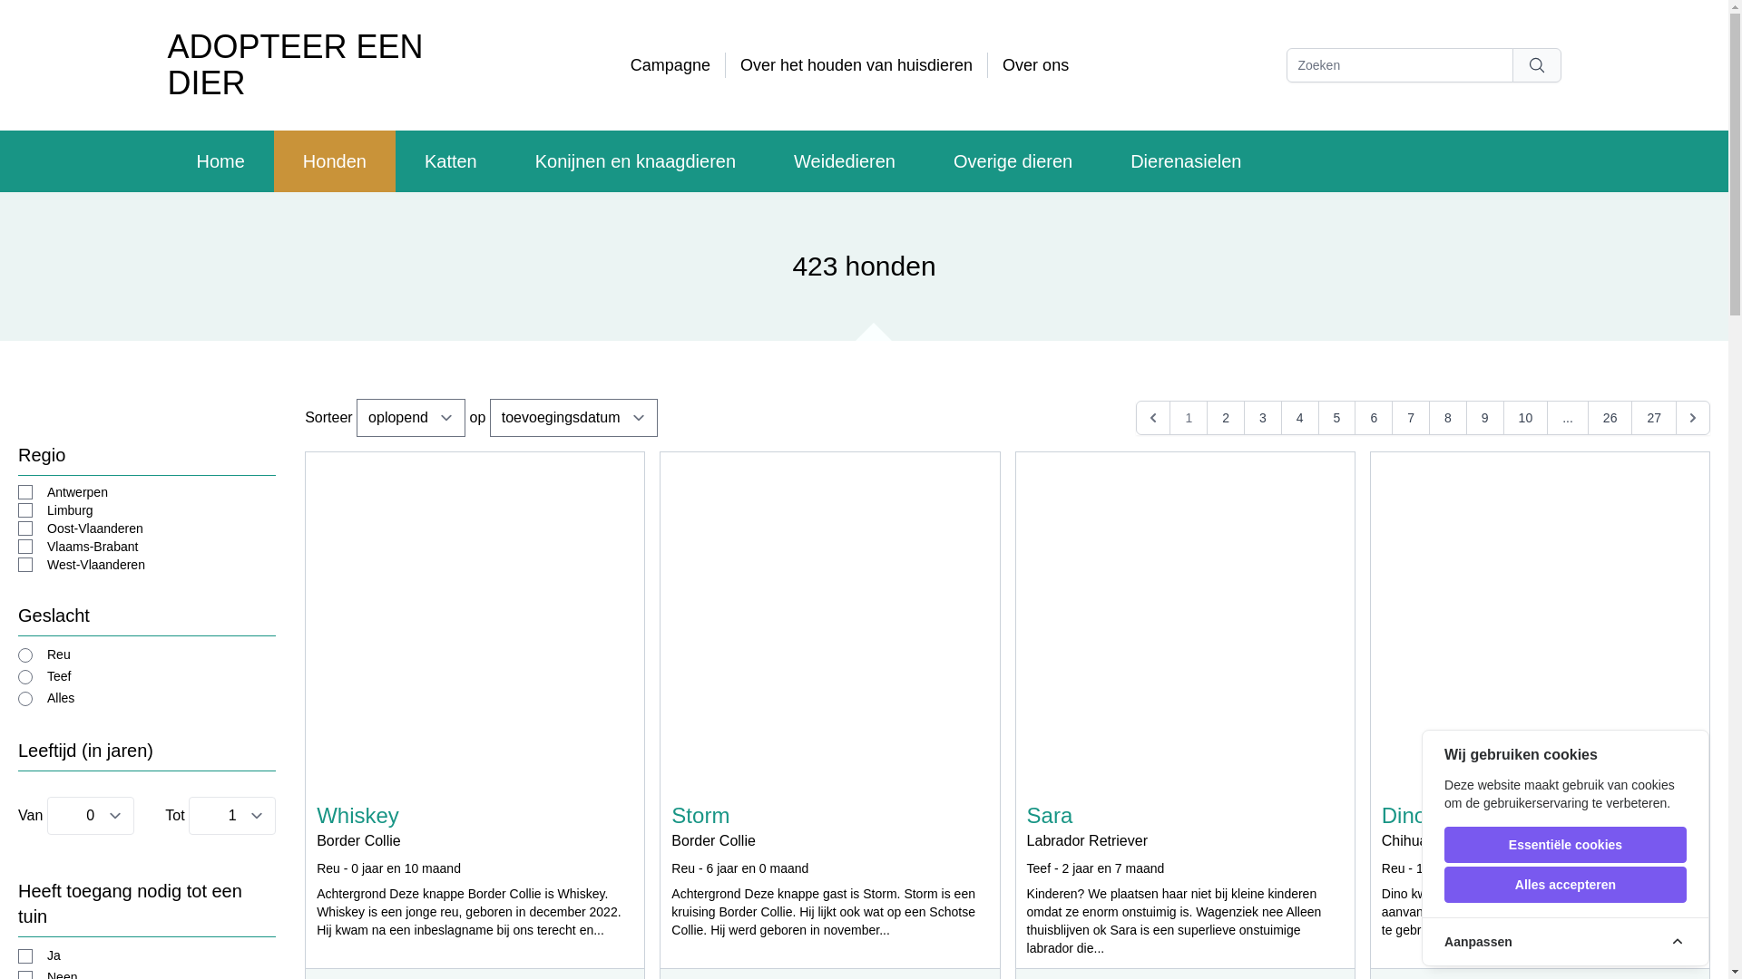  What do you see at coordinates (856, 64) in the screenshot?
I see `'Over het houden van huisdieren'` at bounding box center [856, 64].